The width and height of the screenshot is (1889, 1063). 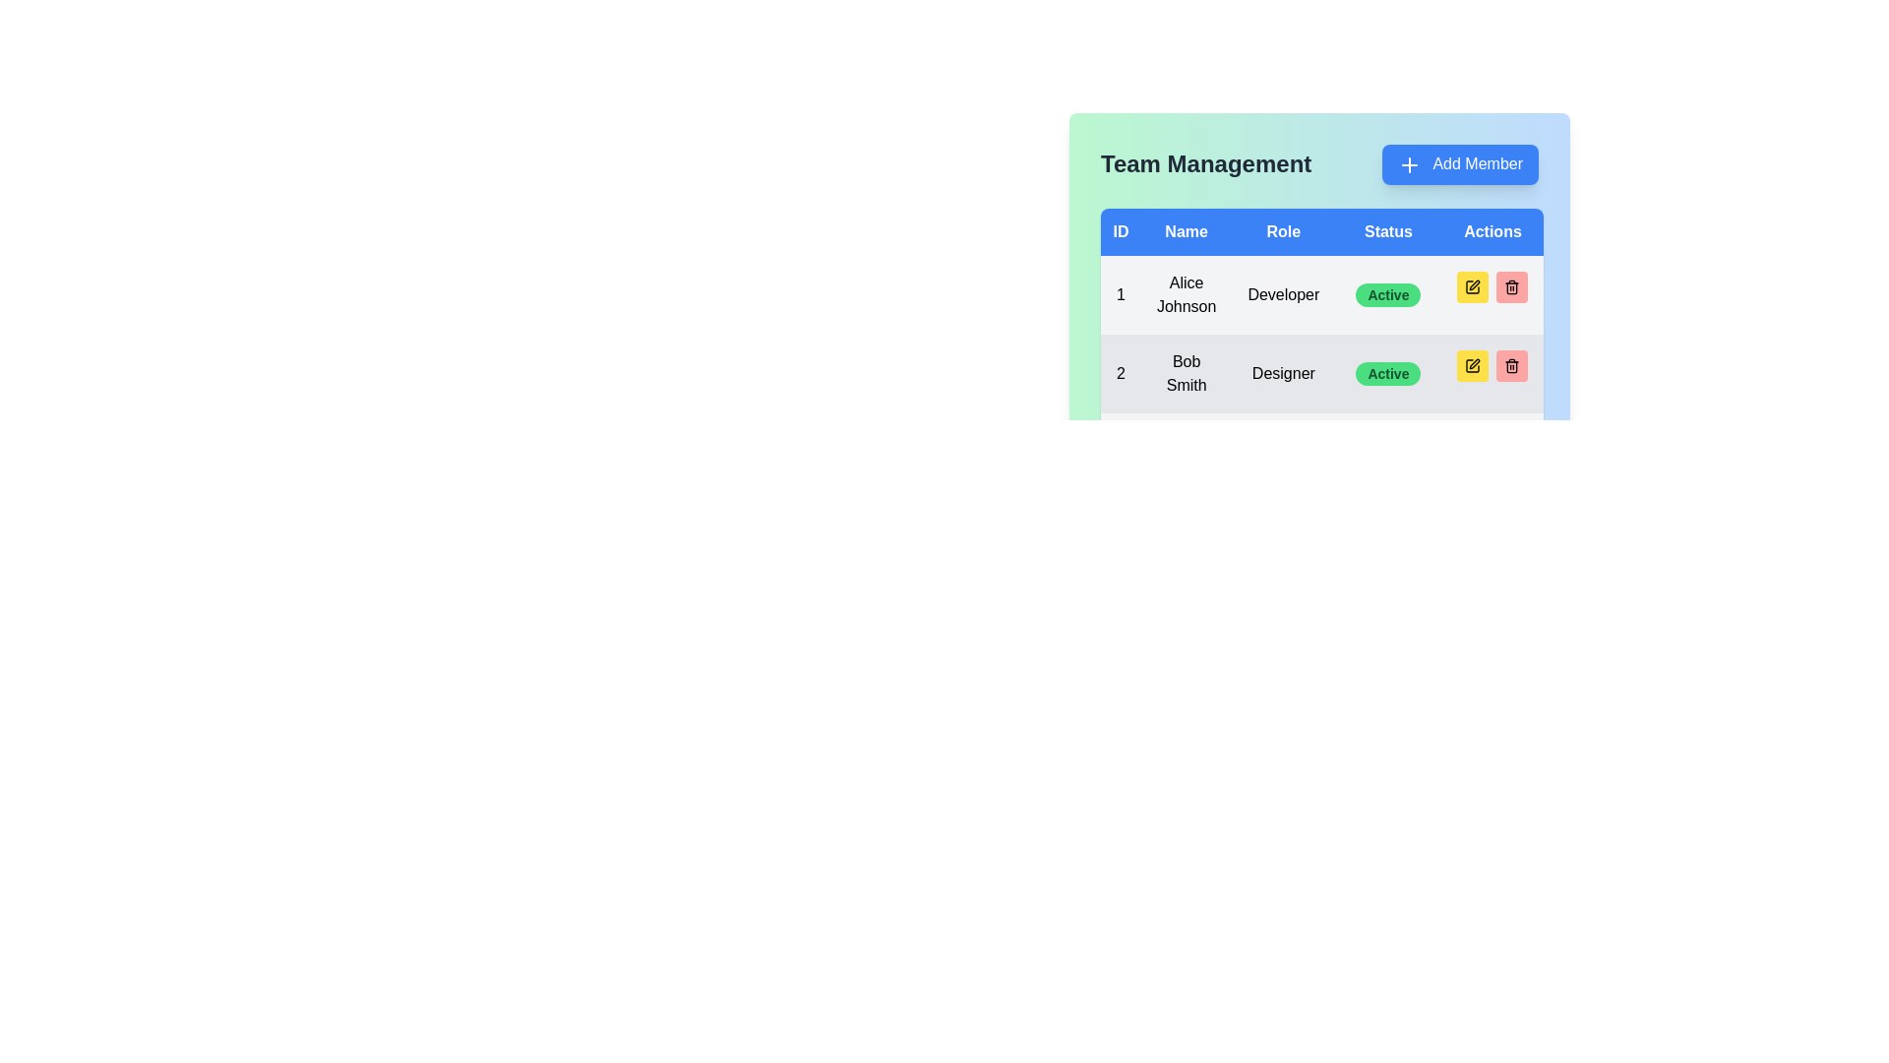 I want to click on the yellow square button with rounded corners and a pen icon located in the 'Actions' column of the first row of the team management table to initiate the editing process, so click(x=1473, y=286).